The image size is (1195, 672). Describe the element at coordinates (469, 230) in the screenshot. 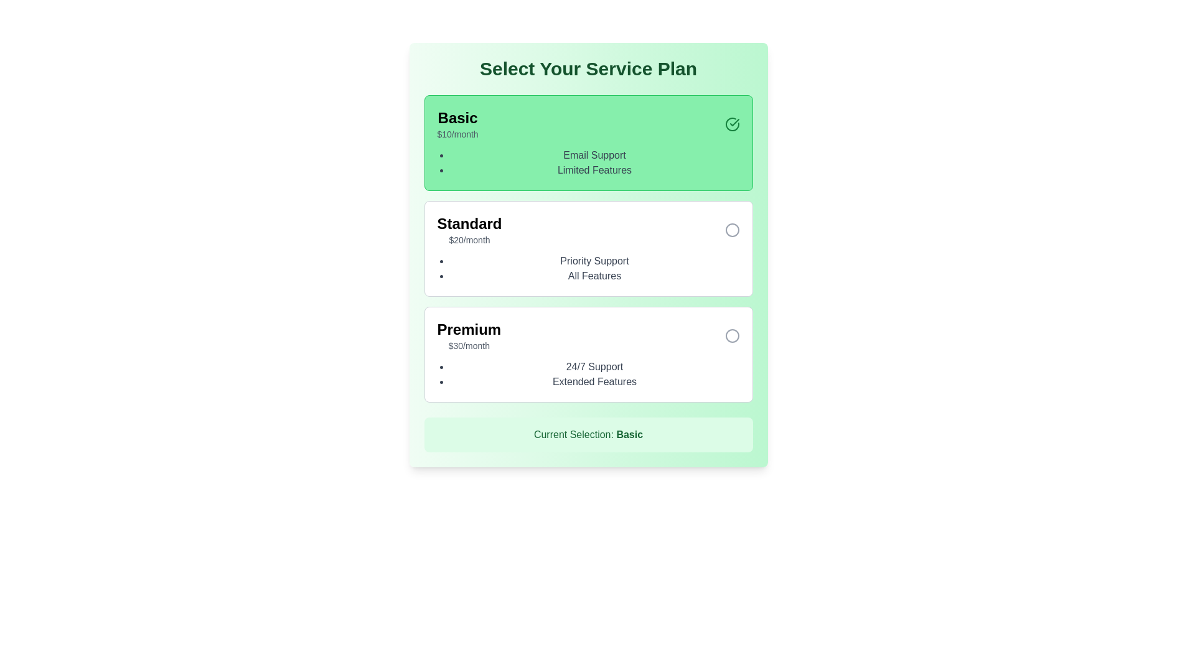

I see `text element displaying 'Standard $20/month' which is styled with 'Standard' in bold and larger font, located in the middle of the service plans` at that location.